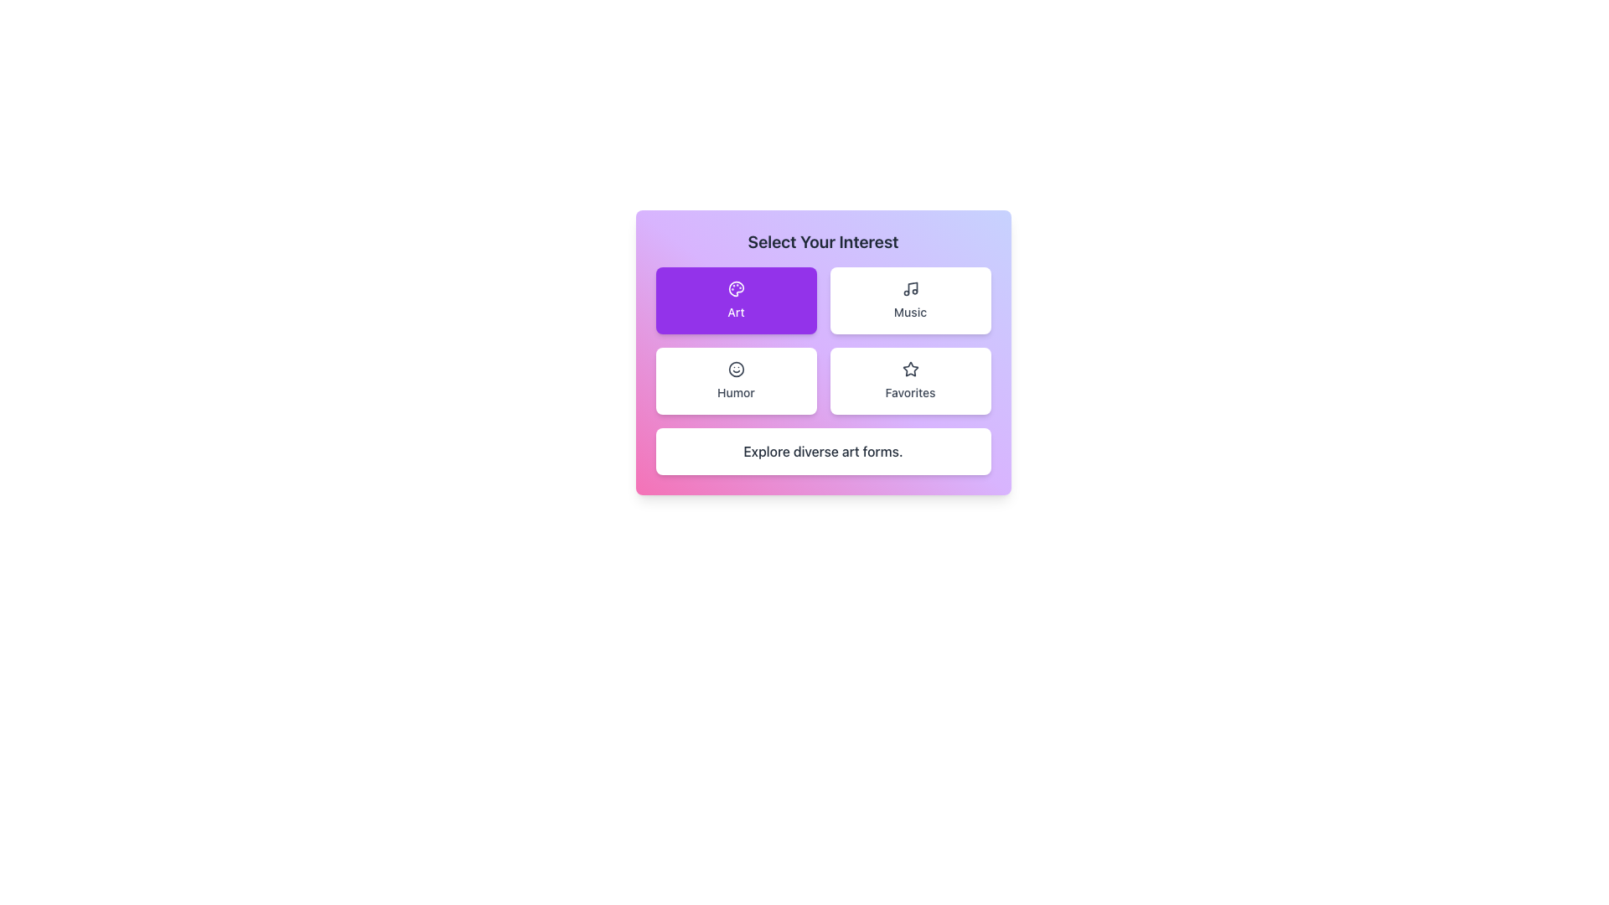  I want to click on the 'Music' button, which is a rectangular button with a white background and rounded corners, featuring musical notes icon and 'Music' text, so click(909, 299).